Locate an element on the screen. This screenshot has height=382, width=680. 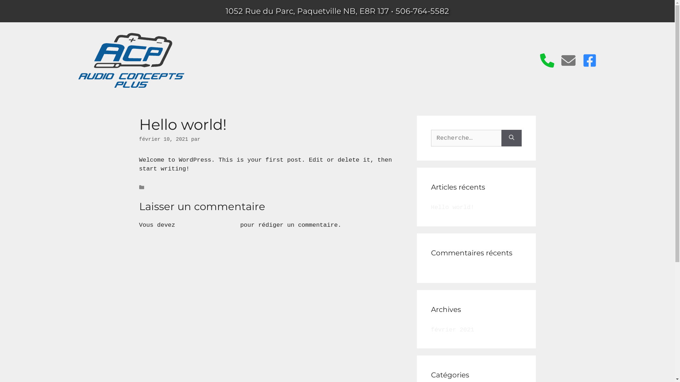
'Hello world!' is located at coordinates (452, 207).